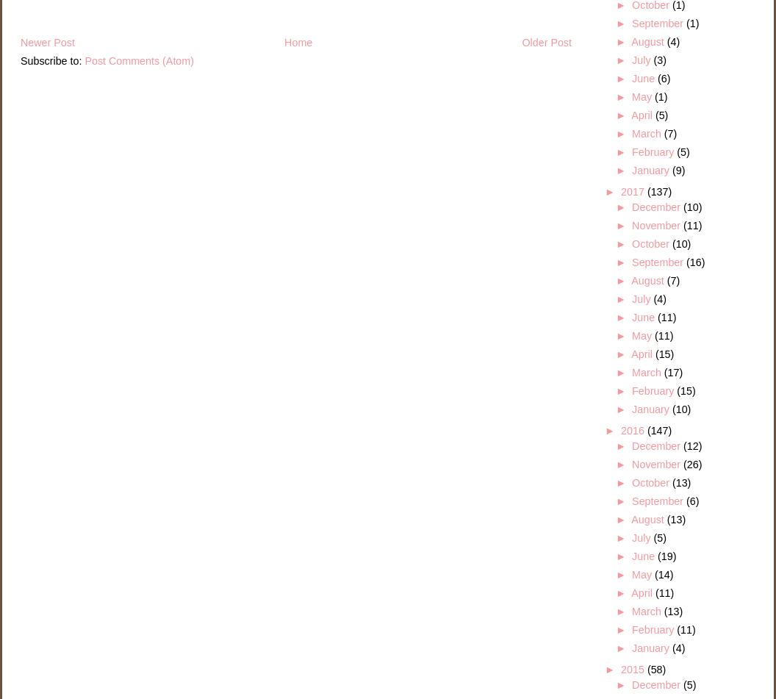 The image size is (776, 699). I want to click on '(147)', so click(658, 429).